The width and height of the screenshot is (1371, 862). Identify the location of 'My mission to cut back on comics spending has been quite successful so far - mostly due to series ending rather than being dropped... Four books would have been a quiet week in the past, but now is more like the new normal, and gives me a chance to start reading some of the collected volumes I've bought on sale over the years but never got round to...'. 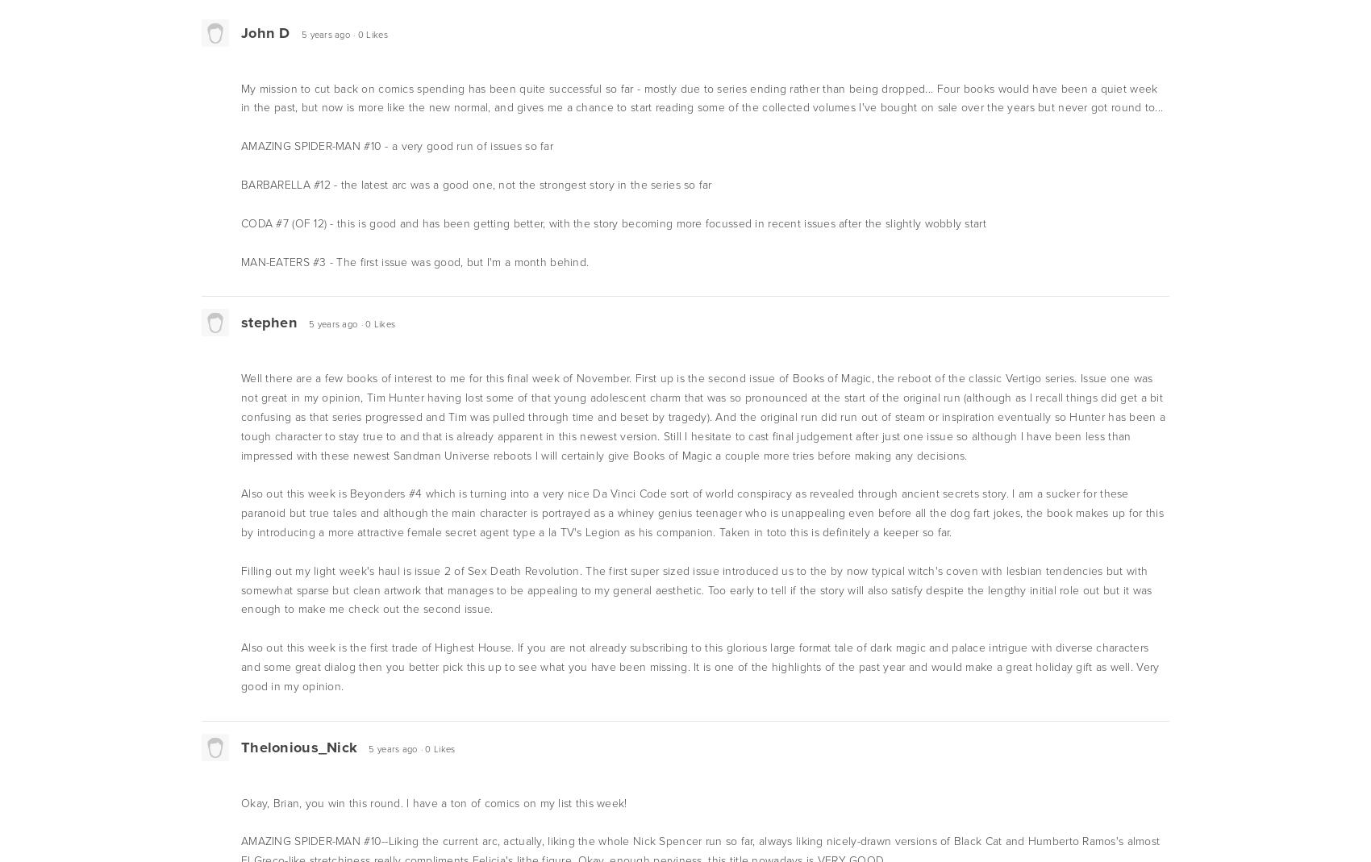
(241, 98).